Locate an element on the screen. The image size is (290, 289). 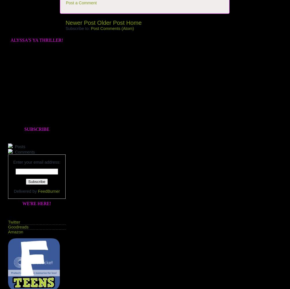
'Home' is located at coordinates (133, 23).